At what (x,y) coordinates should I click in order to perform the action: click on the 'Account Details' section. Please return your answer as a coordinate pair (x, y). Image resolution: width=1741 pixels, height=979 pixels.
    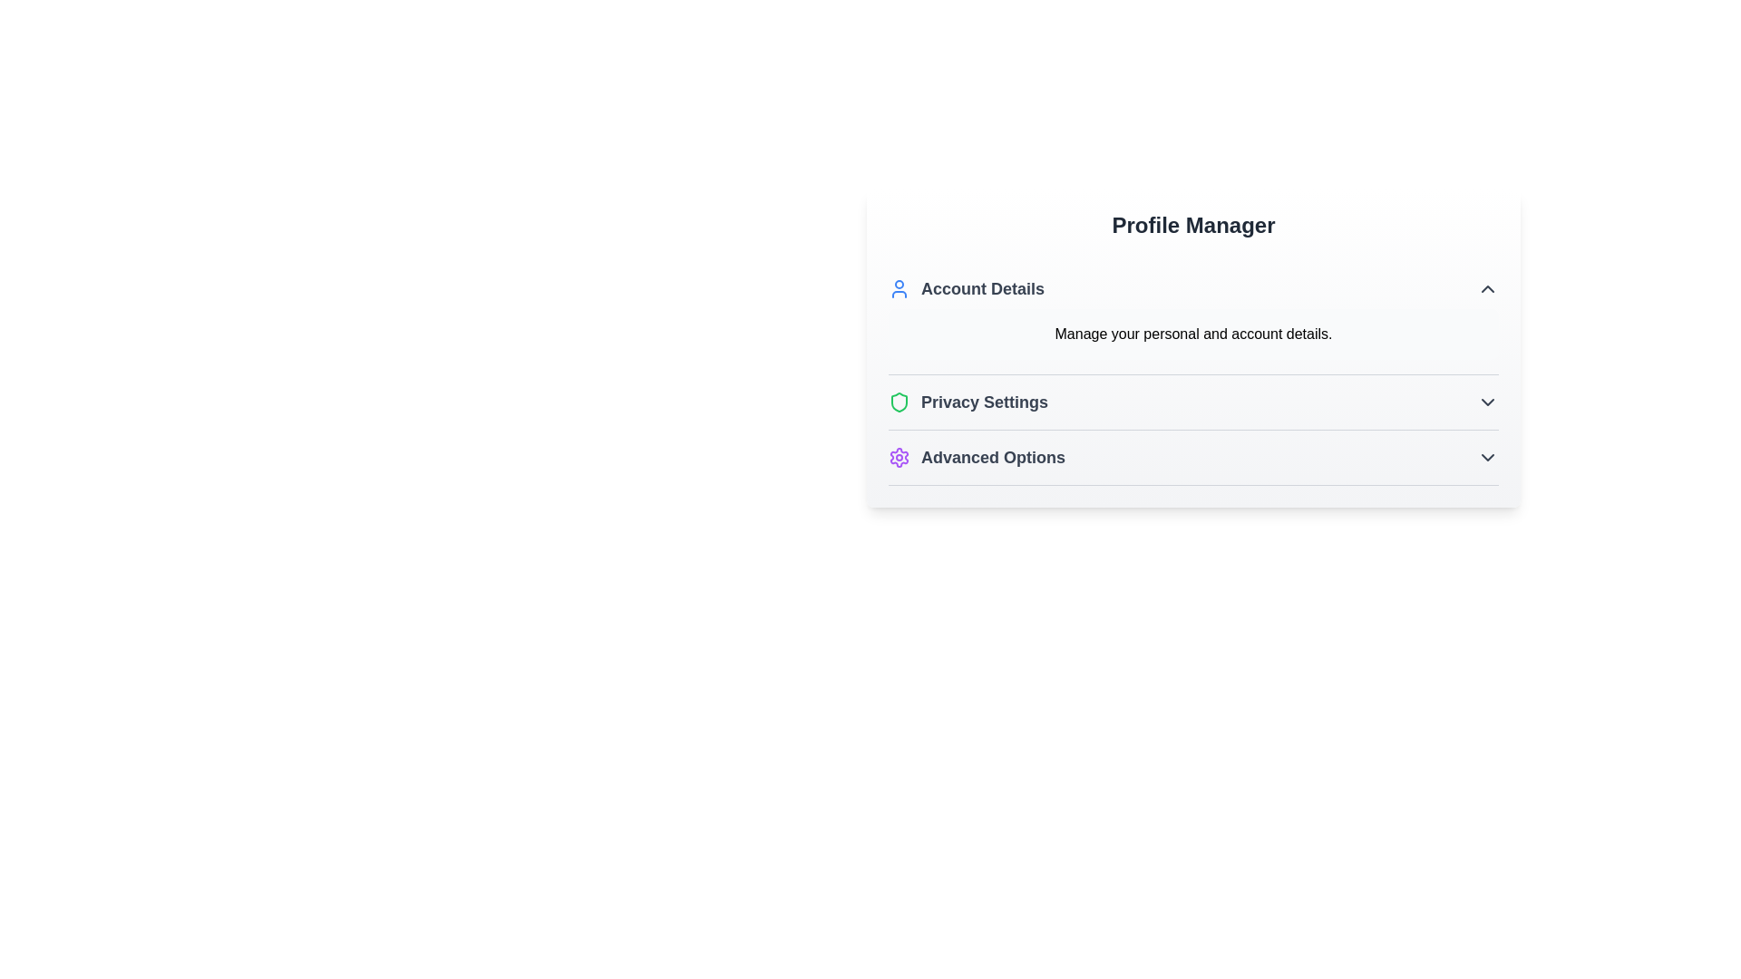
    Looking at the image, I should click on (1193, 317).